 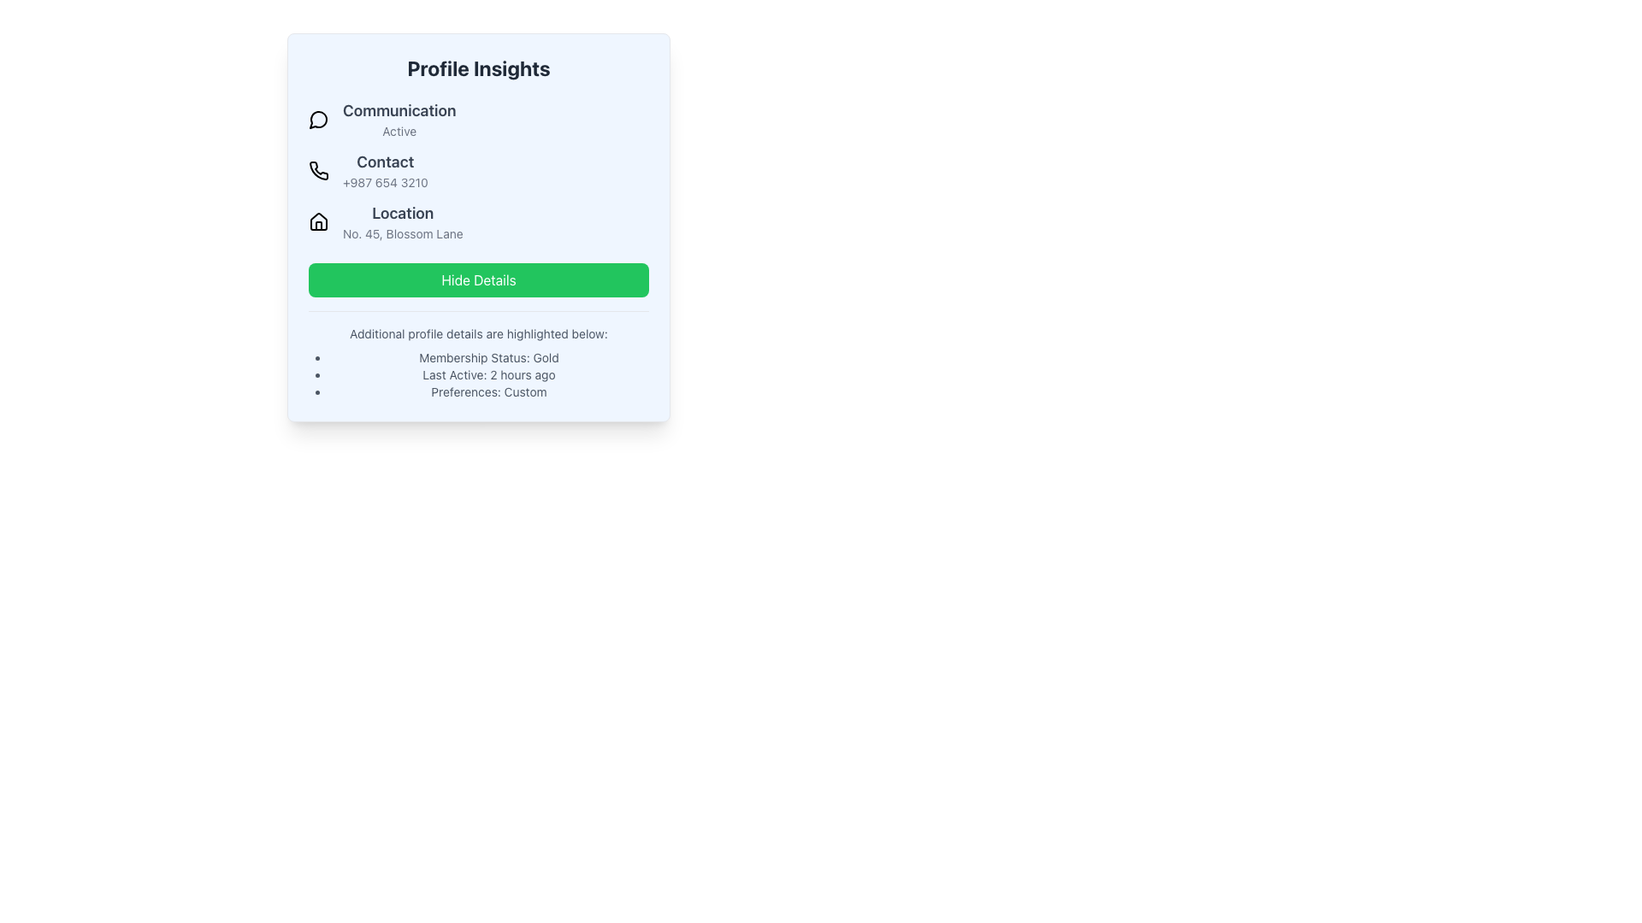 I want to click on the house icon, which is a thin, rounded line styled icon located to the left of the text 'Location' and 'No. 45, Blossom Lane', so click(x=319, y=220).